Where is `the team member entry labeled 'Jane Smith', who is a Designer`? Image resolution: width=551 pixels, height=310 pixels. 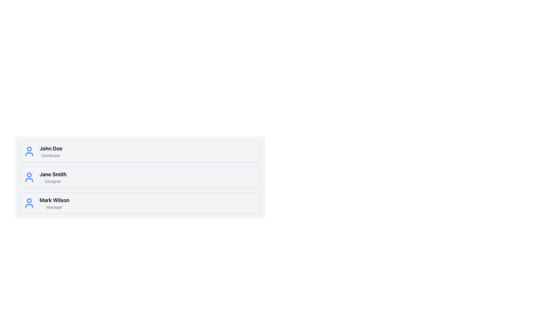 the team member entry labeled 'Jane Smith', who is a Designer is located at coordinates (140, 177).